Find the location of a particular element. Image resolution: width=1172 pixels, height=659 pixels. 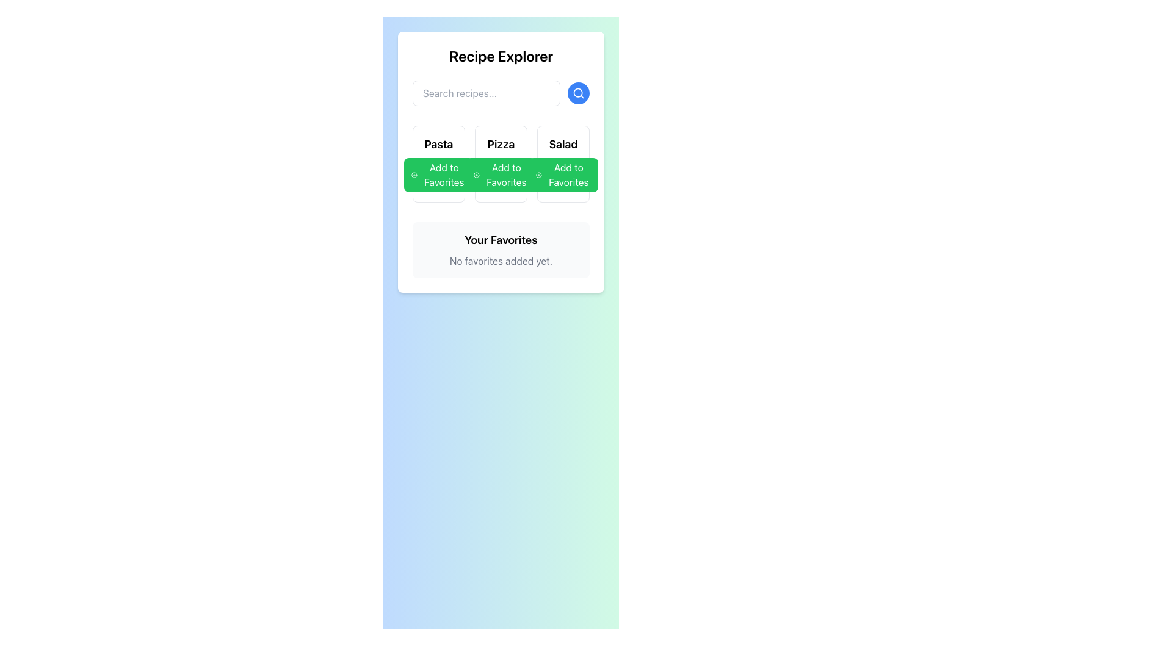

the circular icon with a plus sign located inside the green button labeled 'Add to Favorites' for the 'Salad' category is located at coordinates (538, 175).